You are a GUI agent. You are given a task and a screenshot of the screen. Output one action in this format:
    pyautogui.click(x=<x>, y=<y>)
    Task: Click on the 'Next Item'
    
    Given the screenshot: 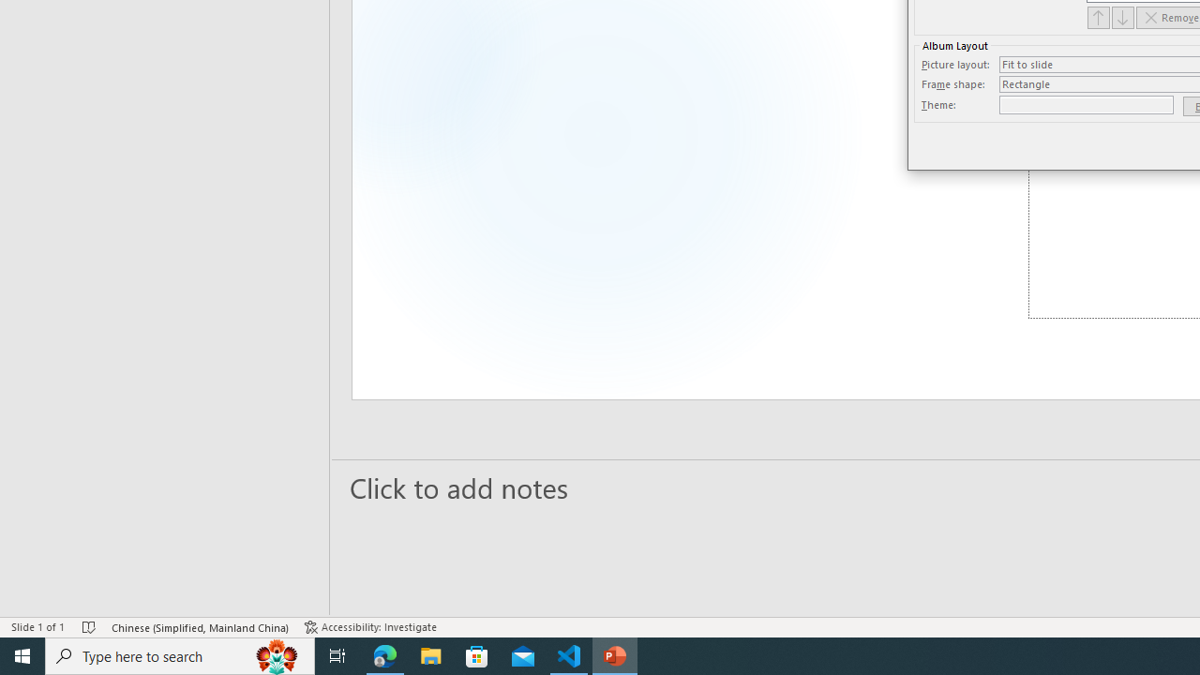 What is the action you would take?
    pyautogui.click(x=1123, y=17)
    